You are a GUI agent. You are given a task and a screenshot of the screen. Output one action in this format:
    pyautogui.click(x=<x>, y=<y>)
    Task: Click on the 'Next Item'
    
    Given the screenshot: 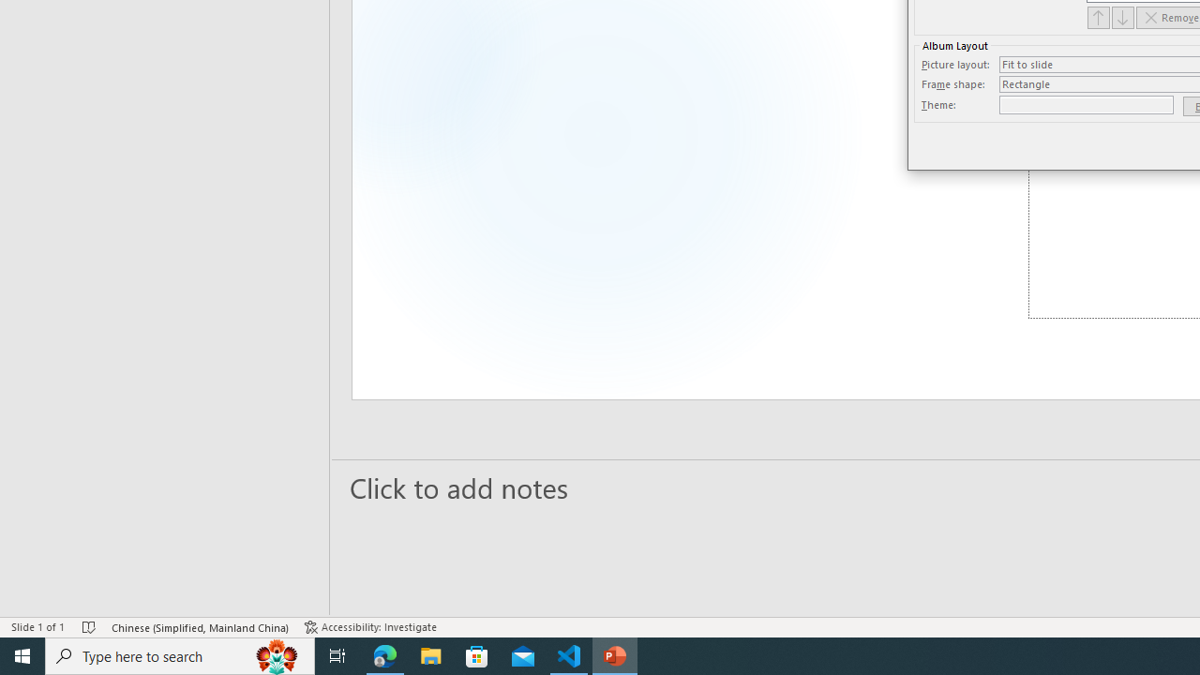 What is the action you would take?
    pyautogui.click(x=1123, y=17)
    